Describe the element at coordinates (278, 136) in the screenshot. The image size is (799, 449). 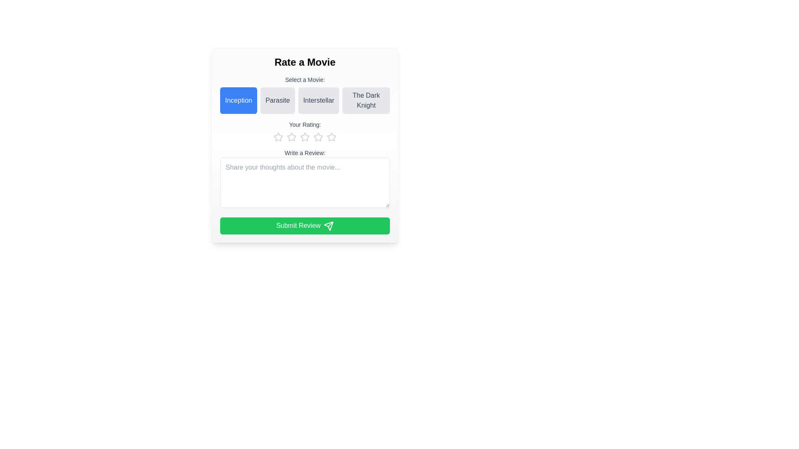
I see `the first star icon in the rating component under the 'Your Rating' section` at that location.